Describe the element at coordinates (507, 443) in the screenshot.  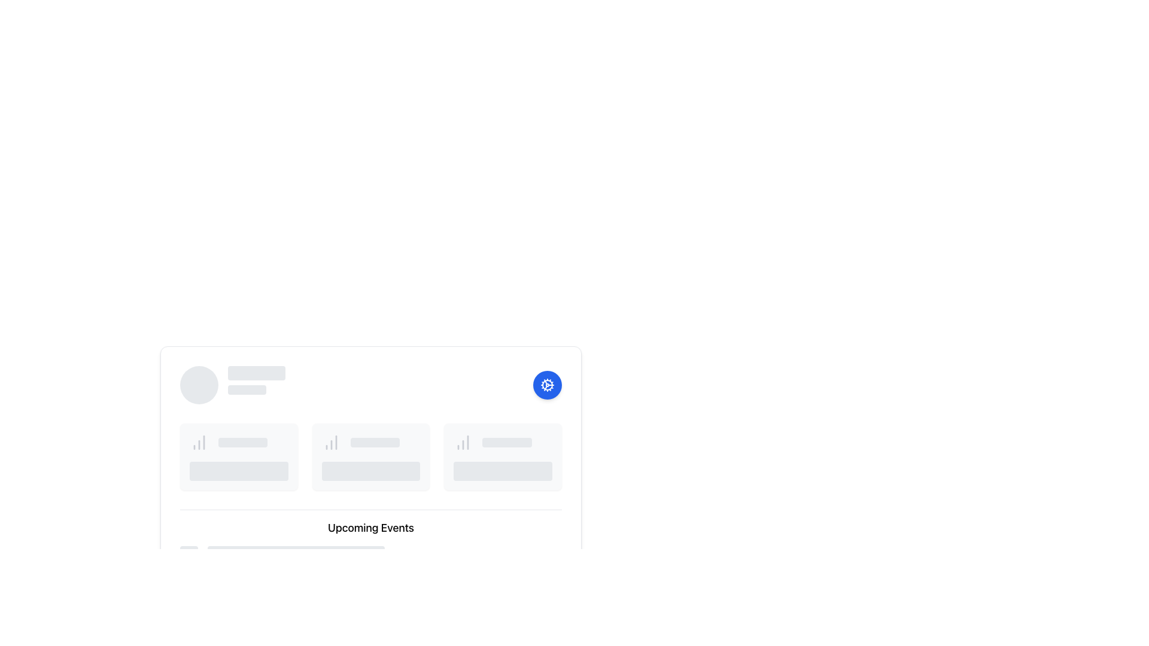
I see `the A progress bar or graphical placeholder, which is a rectangular bar with rounded corners and a light gray background, located in the lower right quadrant of the interface` at that location.